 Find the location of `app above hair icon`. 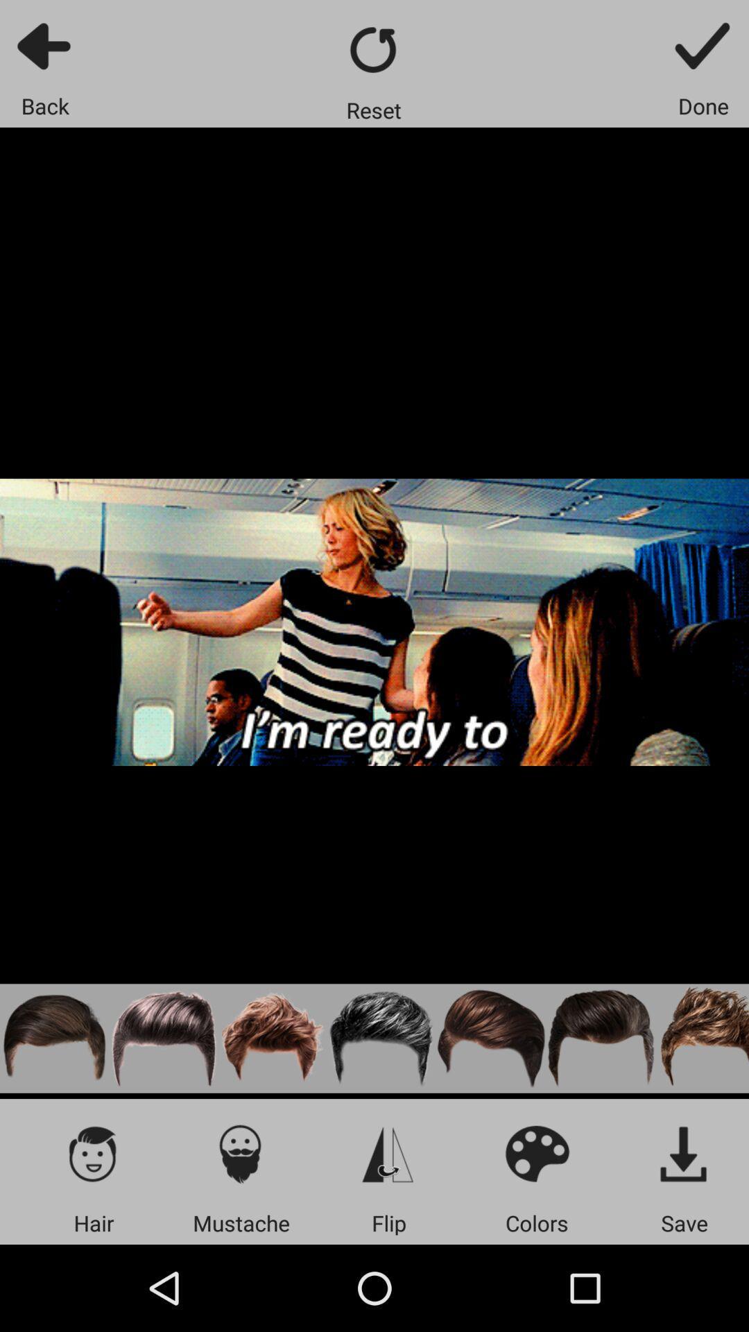

app above hair icon is located at coordinates (94, 1153).